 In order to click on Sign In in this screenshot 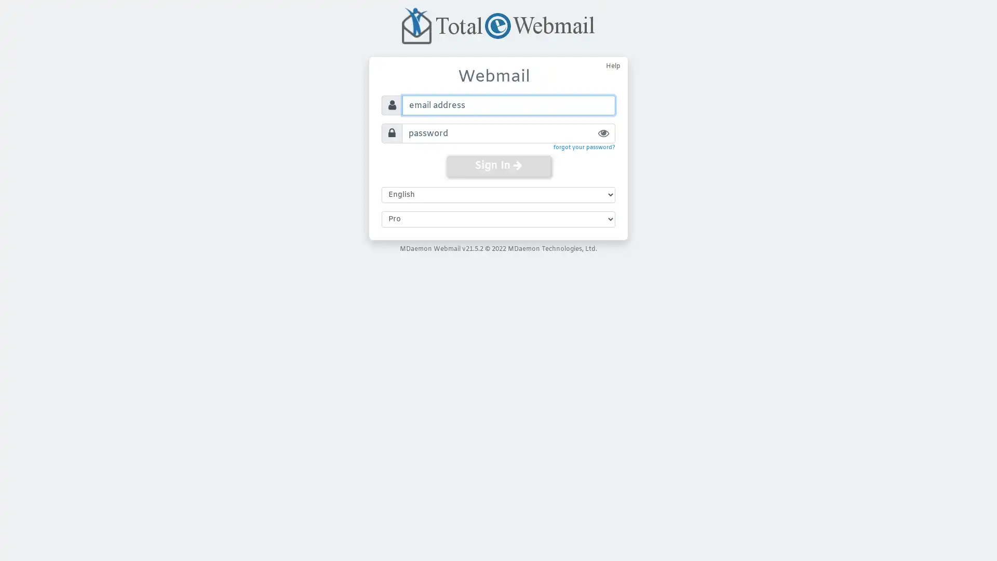, I will do `click(498, 166)`.